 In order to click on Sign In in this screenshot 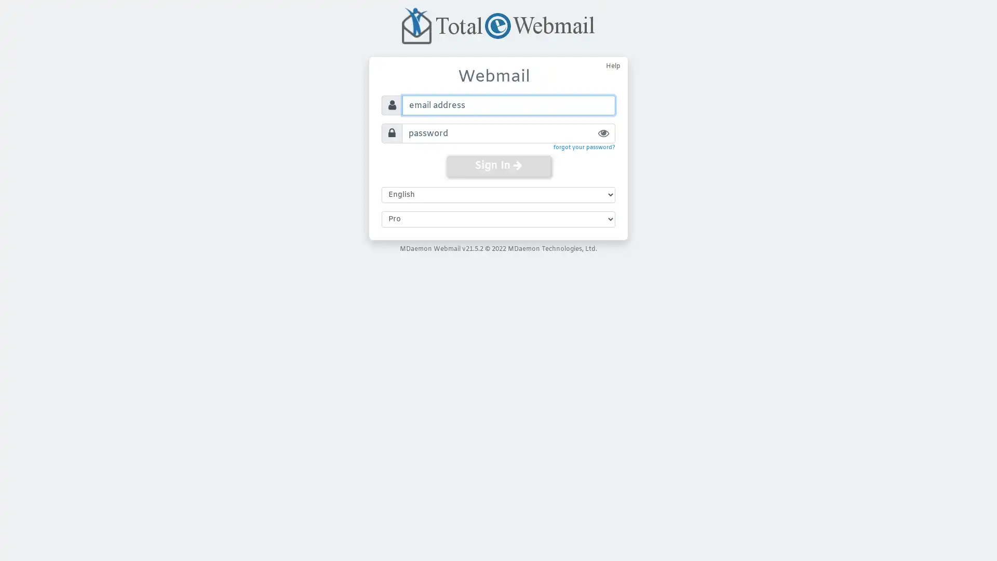, I will do `click(498, 166)`.